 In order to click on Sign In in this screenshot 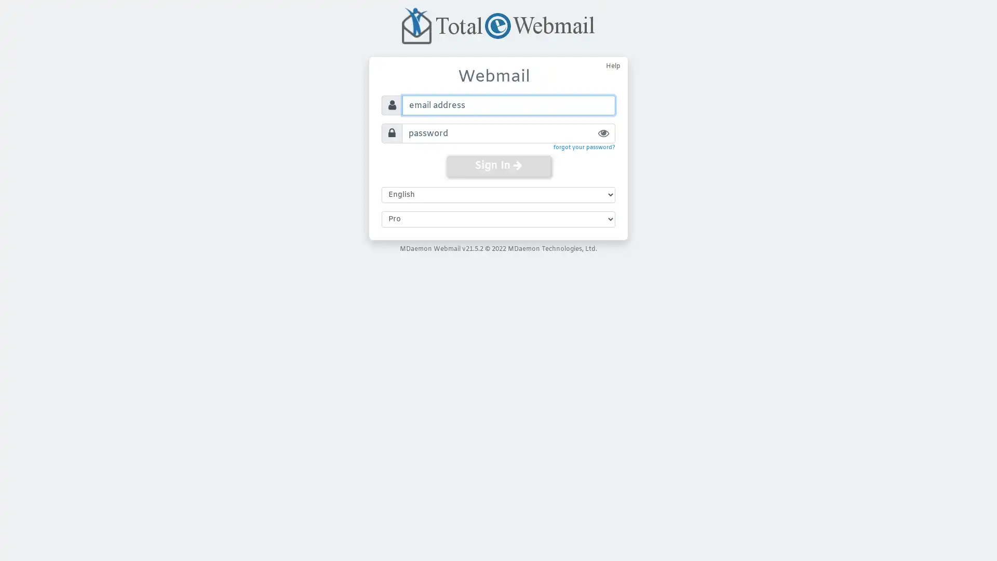, I will do `click(498, 166)`.